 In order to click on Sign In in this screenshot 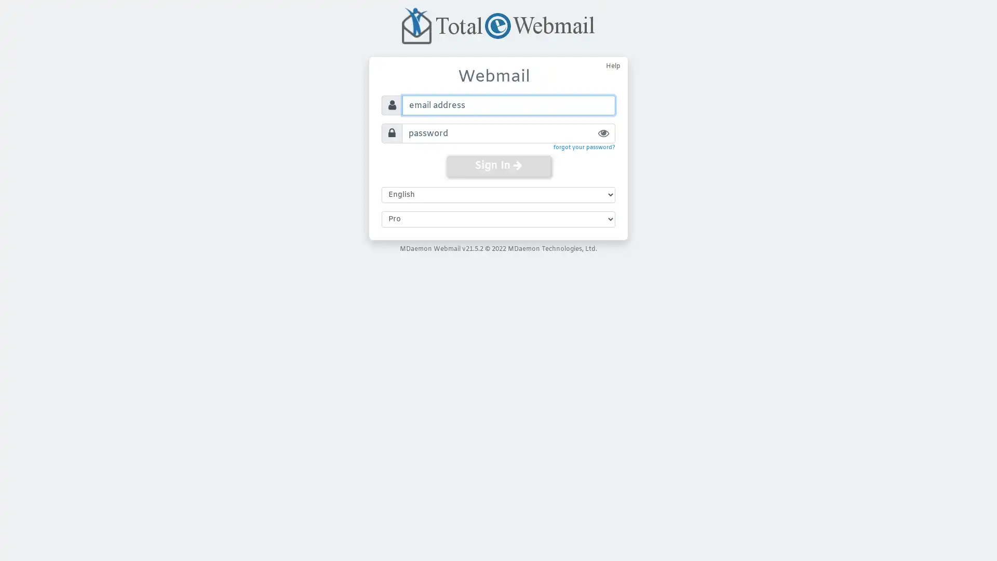, I will do `click(498, 166)`.